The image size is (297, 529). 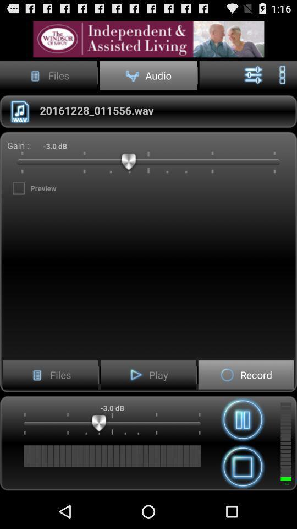 I want to click on clicks the advertisement, so click(x=148, y=39).